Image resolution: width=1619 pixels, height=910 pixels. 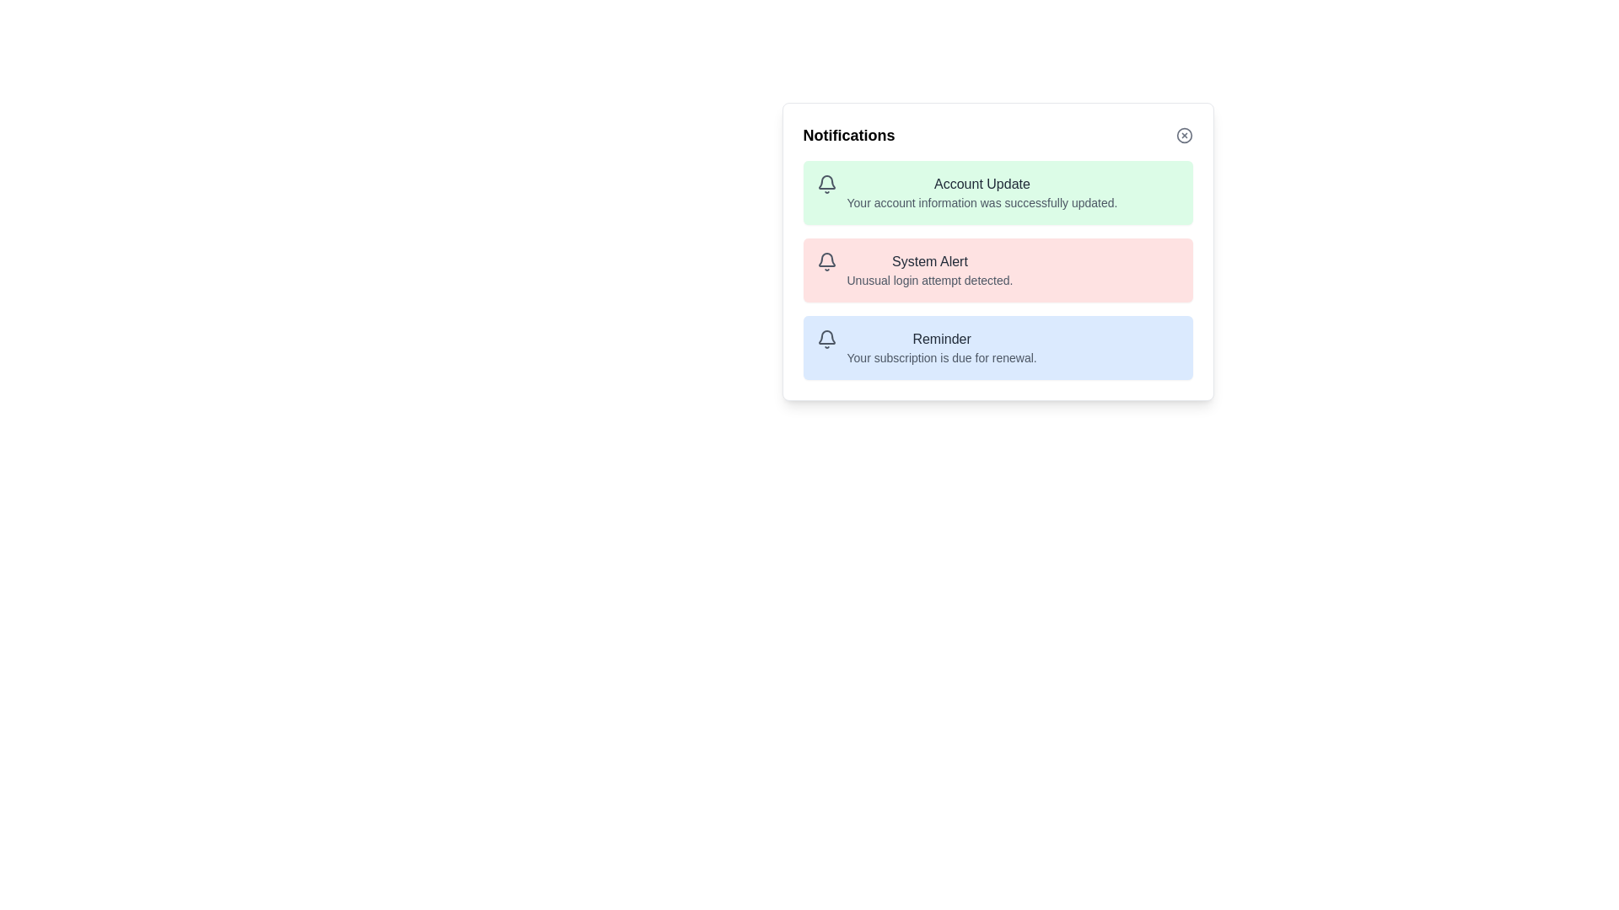 What do you see at coordinates (826, 262) in the screenshot?
I see `the bell-shaped icon in the notification panel for 'System Alert' located on the left side of the panel` at bounding box center [826, 262].